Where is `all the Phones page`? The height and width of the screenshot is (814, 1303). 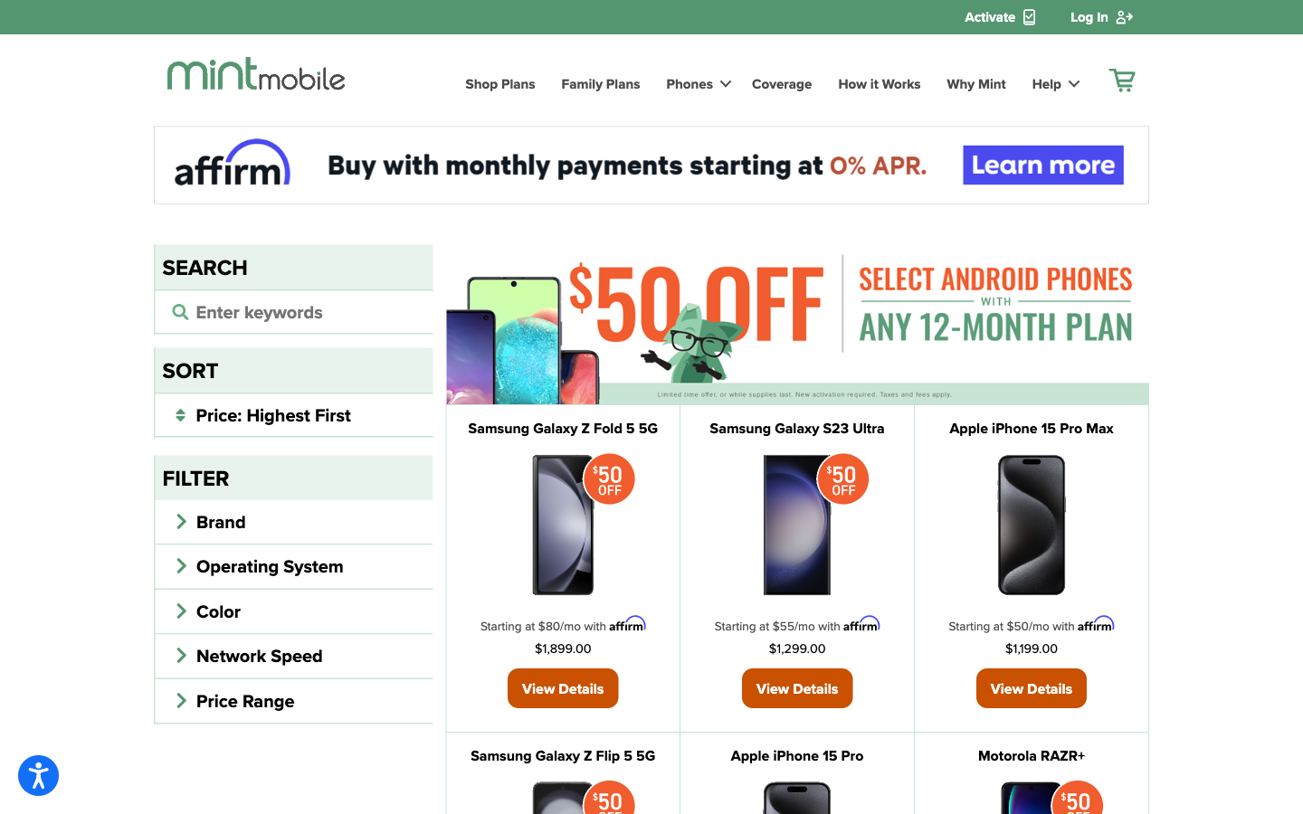 all the Phones page is located at coordinates (695, 82).